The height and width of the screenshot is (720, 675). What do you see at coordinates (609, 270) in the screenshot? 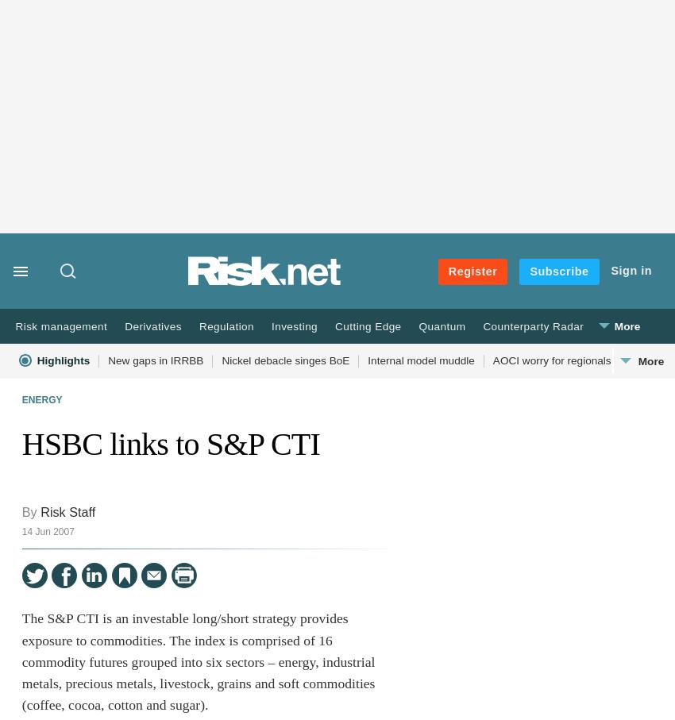
I see `'Sign in'` at bounding box center [609, 270].